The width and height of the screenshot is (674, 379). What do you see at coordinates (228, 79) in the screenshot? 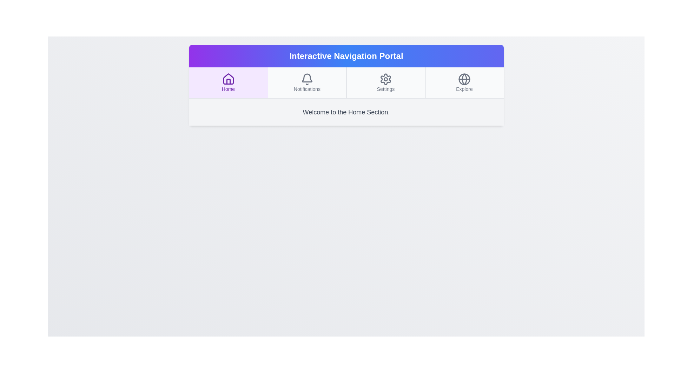
I see `the 'Home' icon in the navigation bar` at bounding box center [228, 79].